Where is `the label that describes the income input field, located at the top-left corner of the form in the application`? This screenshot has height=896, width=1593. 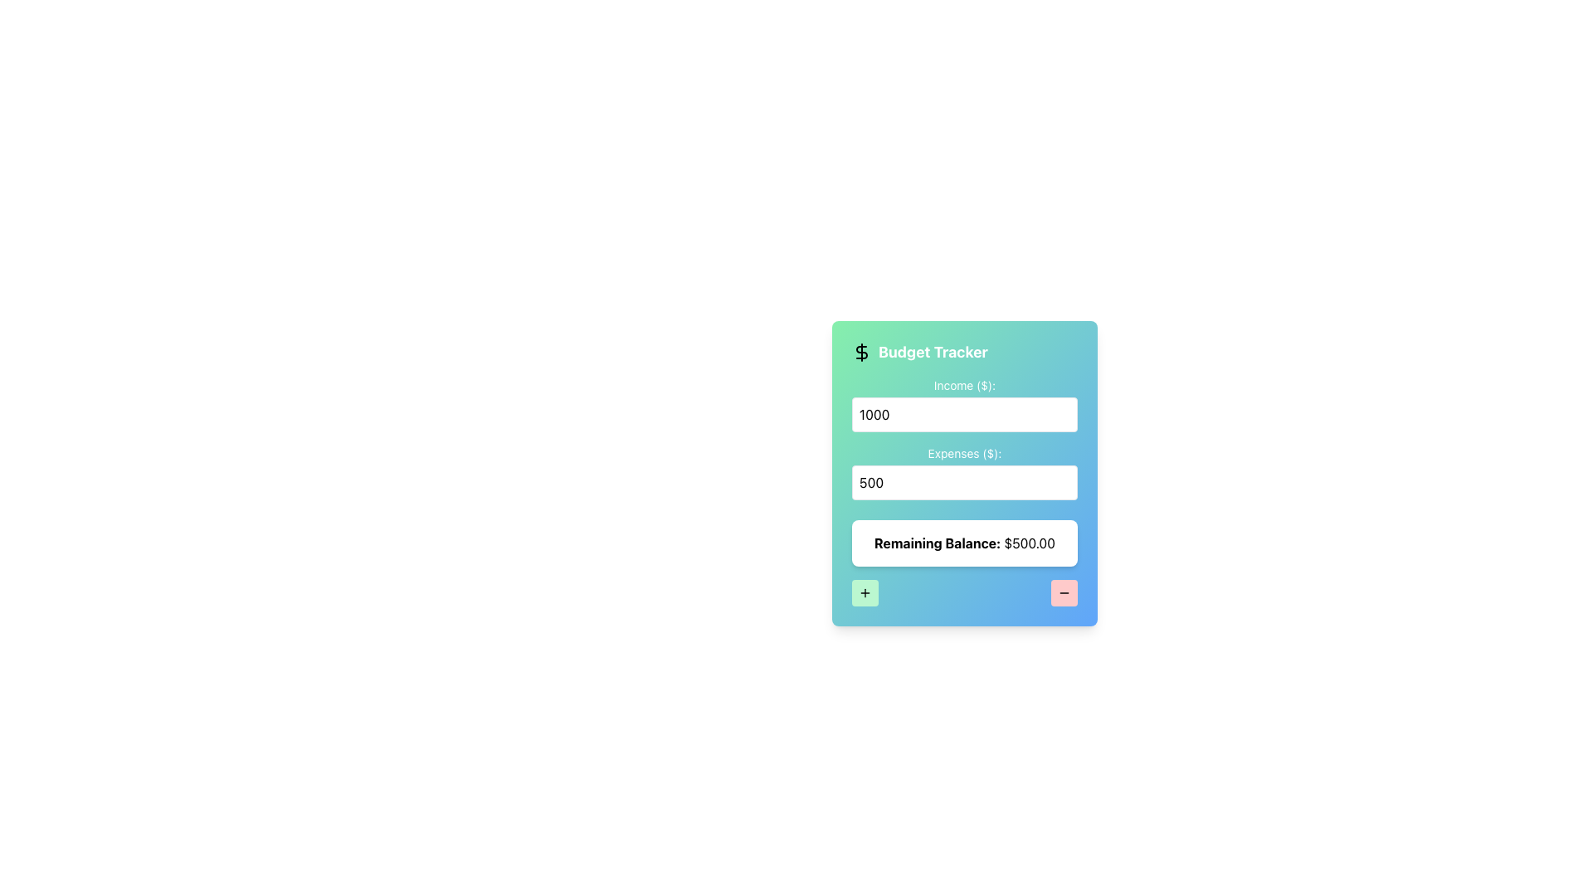 the label that describes the income input field, located at the top-left corner of the form in the application is located at coordinates (964, 386).